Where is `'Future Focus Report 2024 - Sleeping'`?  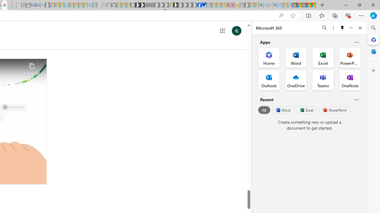
'Future Focus Report 2024 - Sleeping' is located at coordinates (152, 5).